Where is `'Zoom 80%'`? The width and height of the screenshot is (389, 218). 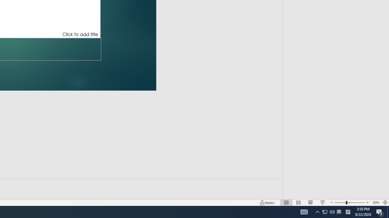
'Zoom 80%' is located at coordinates (376, 203).